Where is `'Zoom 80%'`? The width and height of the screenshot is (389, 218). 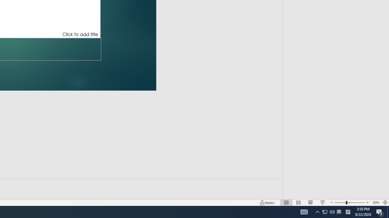
'Zoom 80%' is located at coordinates (376, 203).